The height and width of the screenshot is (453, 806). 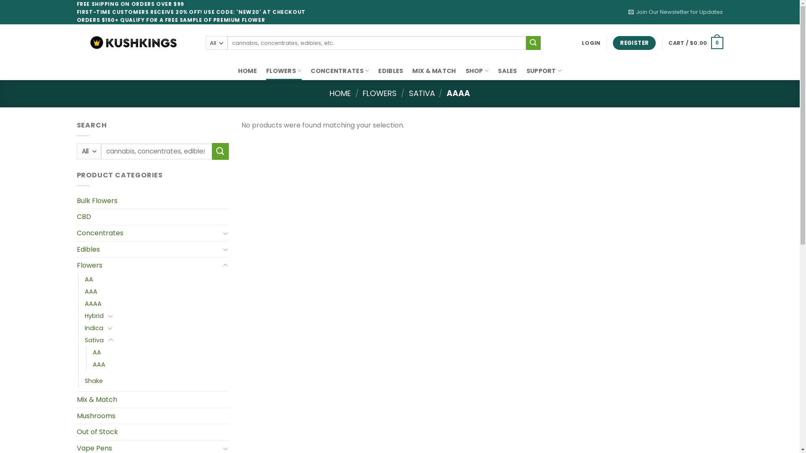 I want to click on 'Search', so click(x=533, y=43).